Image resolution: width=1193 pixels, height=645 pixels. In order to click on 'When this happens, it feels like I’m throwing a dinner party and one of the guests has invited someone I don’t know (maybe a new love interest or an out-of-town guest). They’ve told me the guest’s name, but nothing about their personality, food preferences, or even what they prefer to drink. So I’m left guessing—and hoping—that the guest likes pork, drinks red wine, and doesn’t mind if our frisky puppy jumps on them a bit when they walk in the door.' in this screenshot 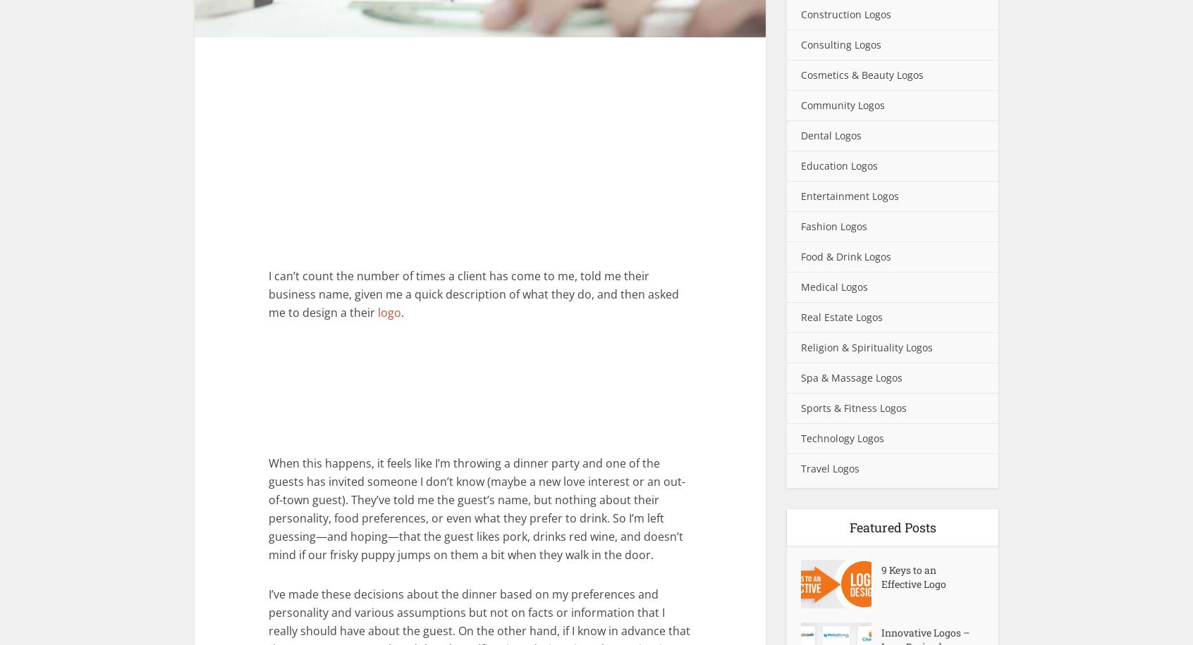, I will do `click(477, 508)`.